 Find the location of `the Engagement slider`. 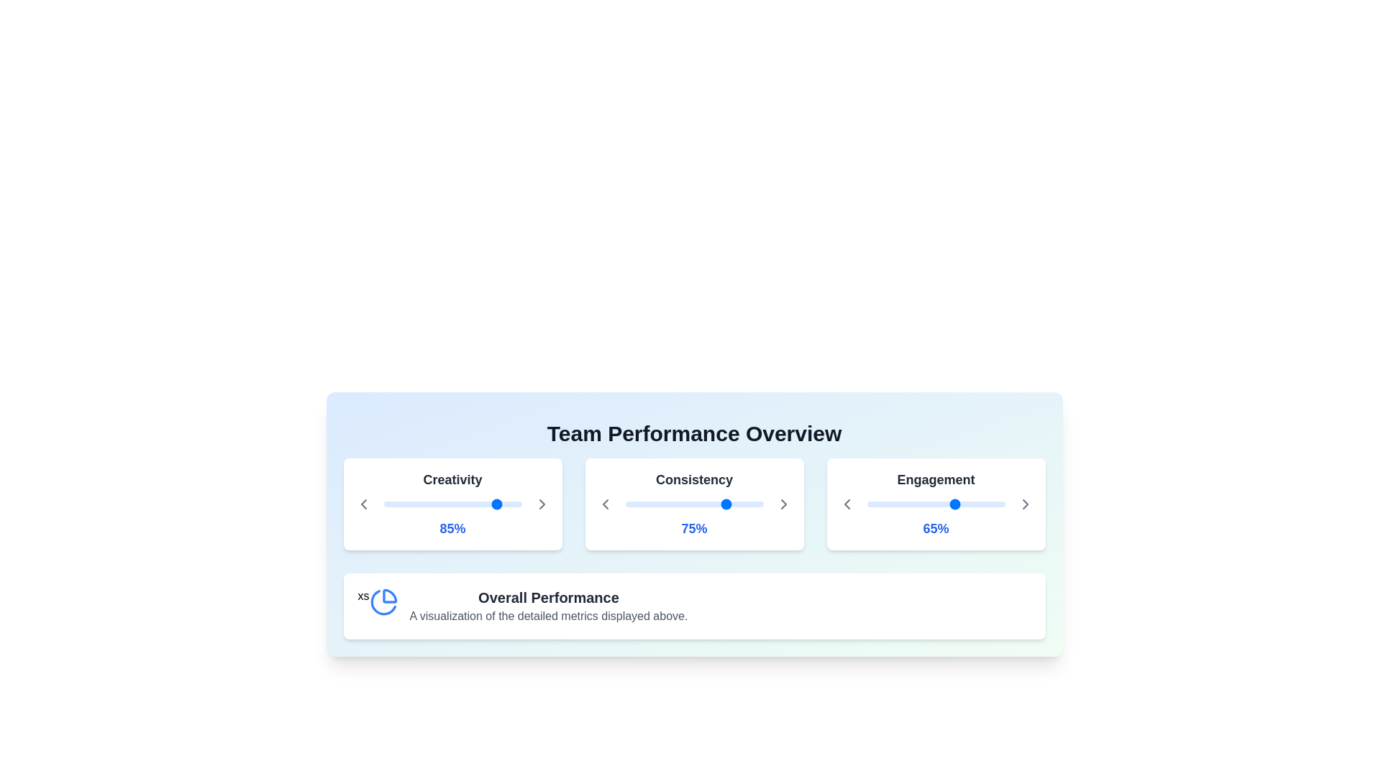

the Engagement slider is located at coordinates (895, 504).